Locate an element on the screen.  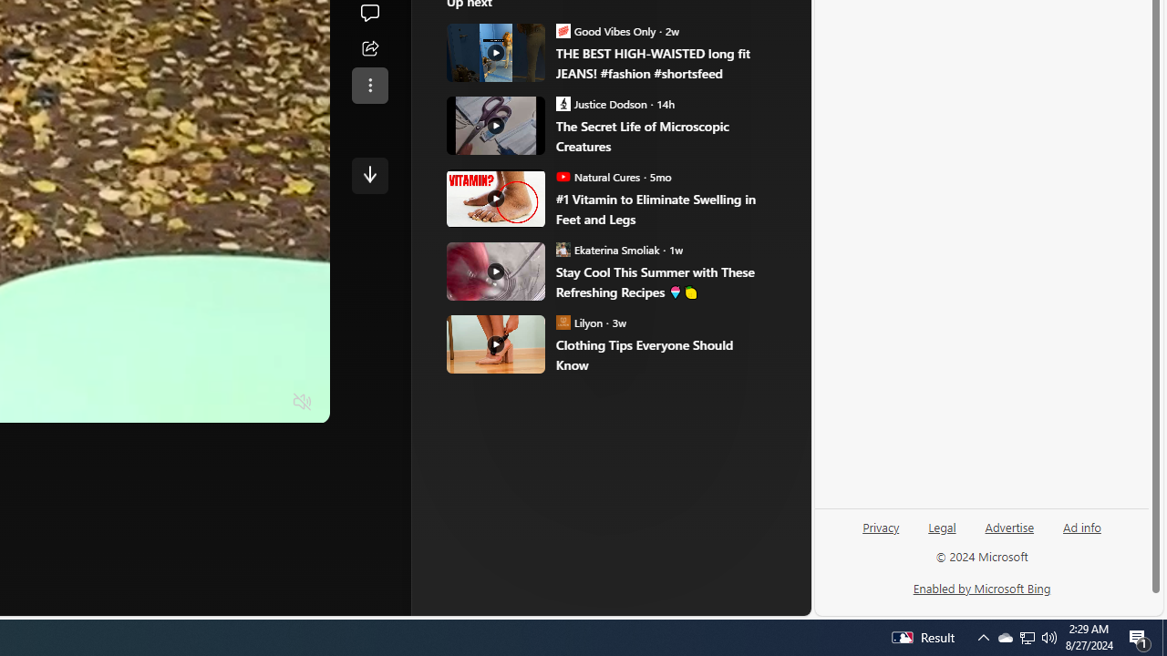
'THE BEST HIGH-WAISTED long fit JEANS! #fashion #shortsfeed' is located at coordinates (661, 63).